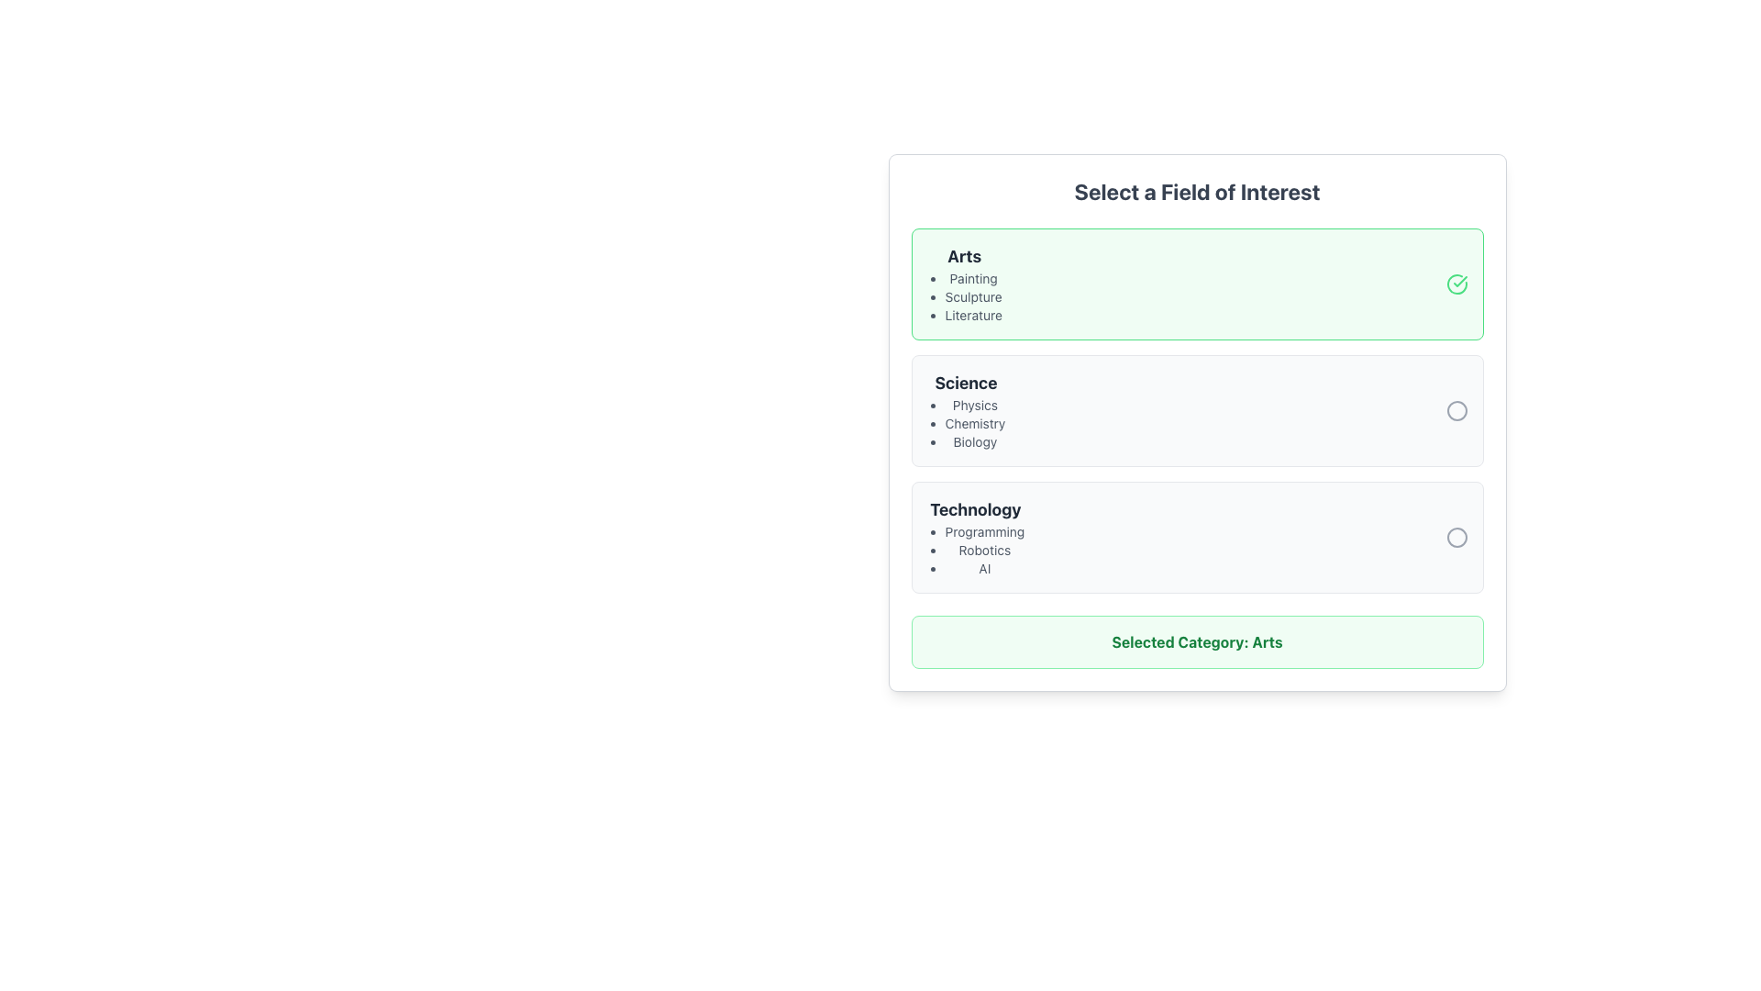 This screenshot has width=1761, height=991. Describe the element at coordinates (983, 568) in the screenshot. I see `the text element labeled 'AI' in the 'Technology' category` at that location.